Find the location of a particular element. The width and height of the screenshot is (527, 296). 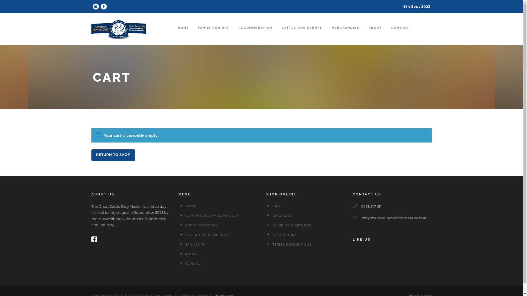

'CATTLE DOG EVENTS' is located at coordinates (301, 33).